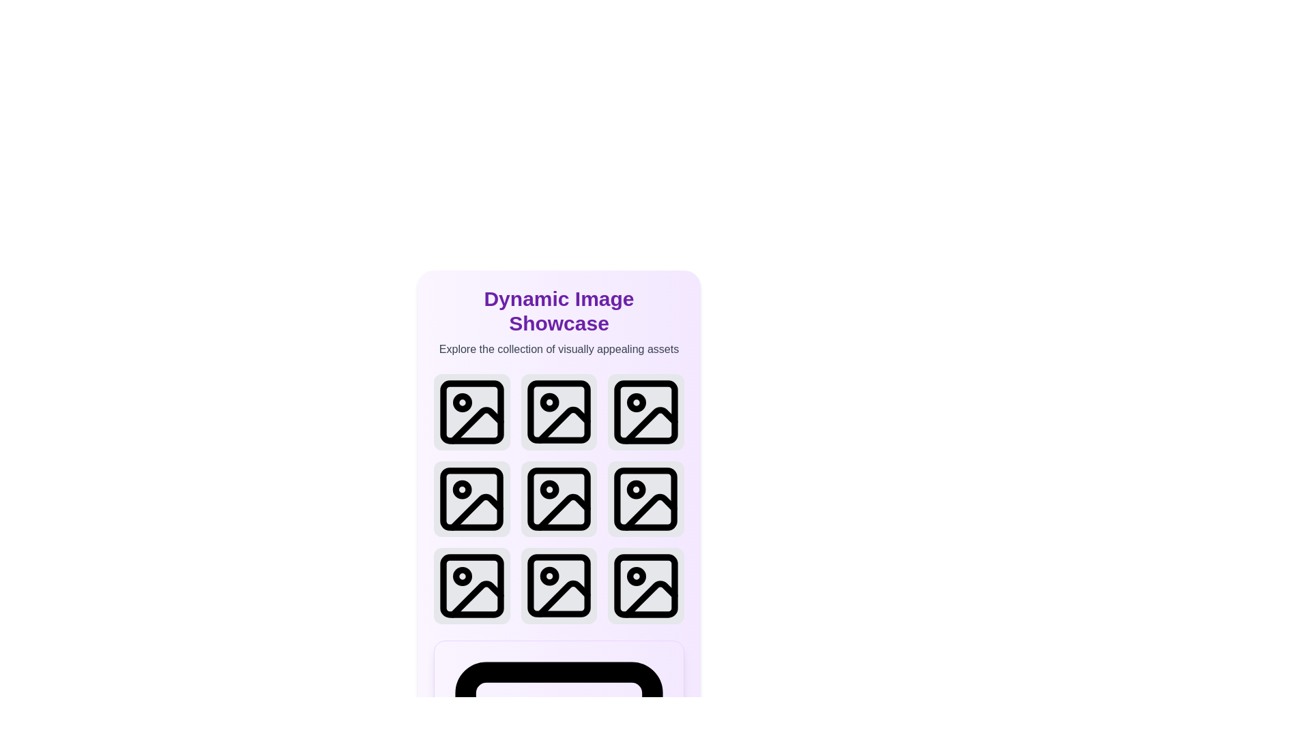 The image size is (1310, 736). What do you see at coordinates (645, 499) in the screenshot?
I see `the decorative rectangle detail of the sixth image icon` at bounding box center [645, 499].